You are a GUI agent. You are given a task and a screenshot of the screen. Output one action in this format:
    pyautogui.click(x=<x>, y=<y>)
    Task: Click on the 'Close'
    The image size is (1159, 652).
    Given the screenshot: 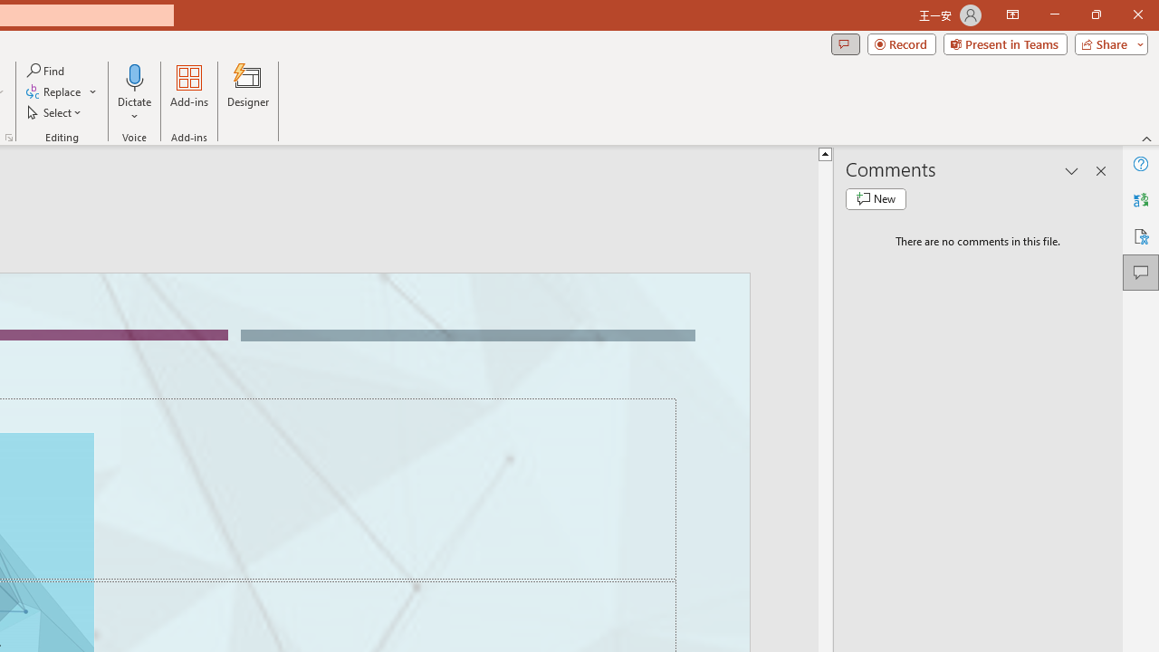 What is the action you would take?
    pyautogui.click(x=1136, y=14)
    